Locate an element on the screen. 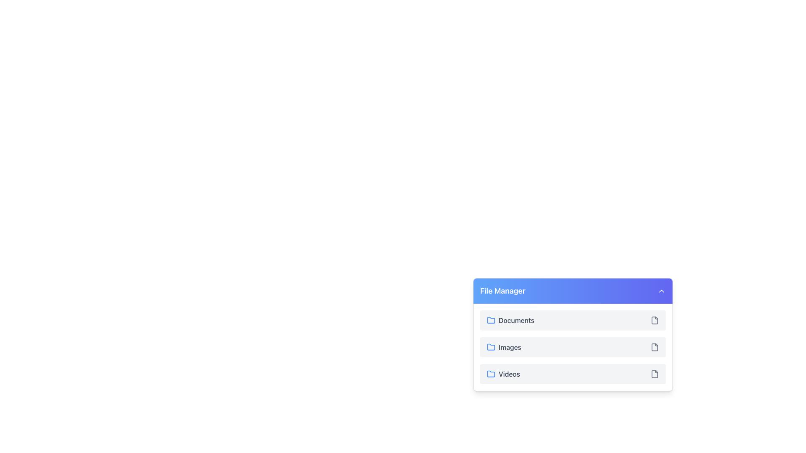  the folder icon with a blue border located next to the text 'Images' in the third row of the 'File Manager' interface is located at coordinates (491, 346).